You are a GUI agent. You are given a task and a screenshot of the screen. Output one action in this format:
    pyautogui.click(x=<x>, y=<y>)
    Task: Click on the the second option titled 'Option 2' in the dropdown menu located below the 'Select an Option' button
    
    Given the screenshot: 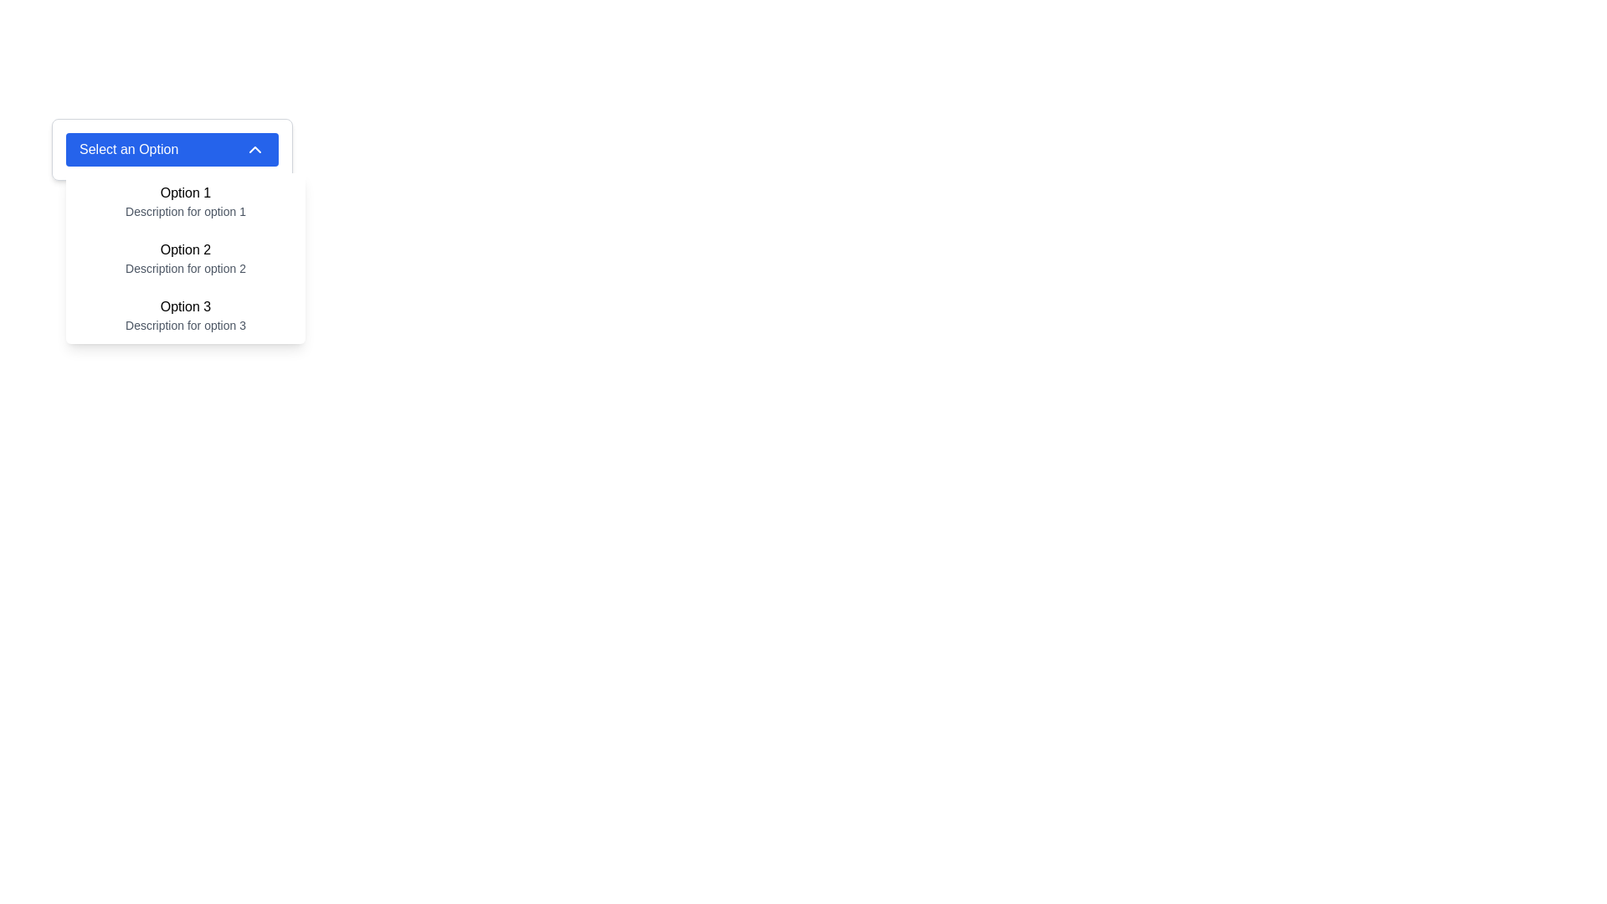 What is the action you would take?
    pyautogui.click(x=185, y=258)
    